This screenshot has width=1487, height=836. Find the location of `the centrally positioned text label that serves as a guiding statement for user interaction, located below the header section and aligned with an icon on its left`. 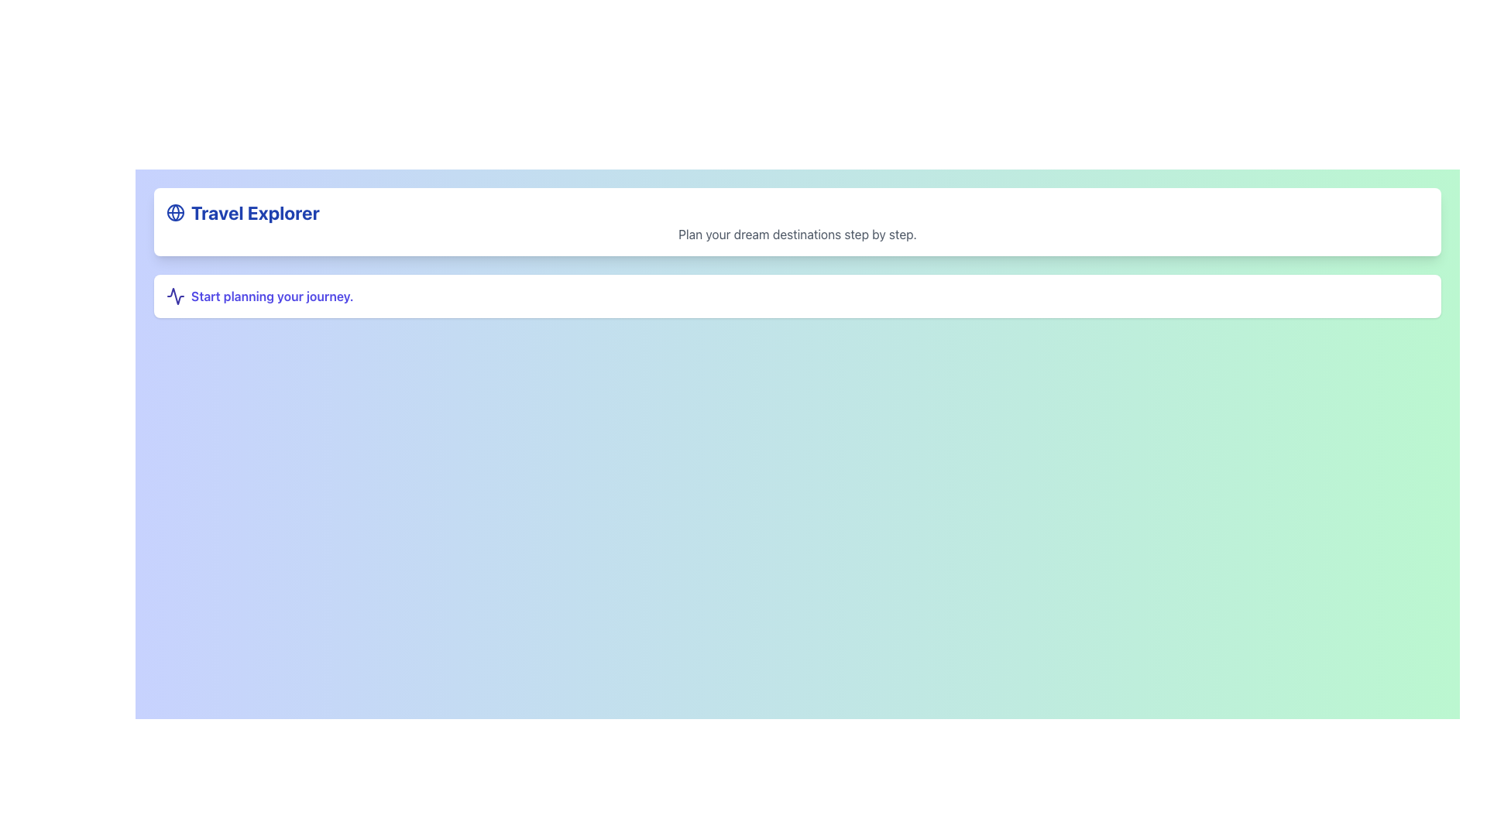

the centrally positioned text label that serves as a guiding statement for user interaction, located below the header section and aligned with an icon on its left is located at coordinates (272, 296).